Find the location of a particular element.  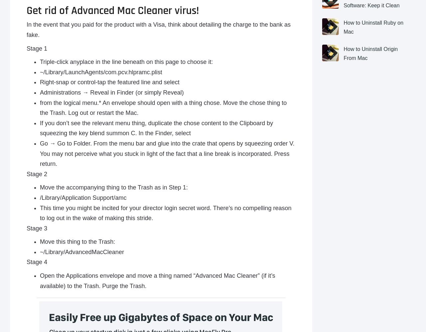

'Stage 3' is located at coordinates (36, 228).